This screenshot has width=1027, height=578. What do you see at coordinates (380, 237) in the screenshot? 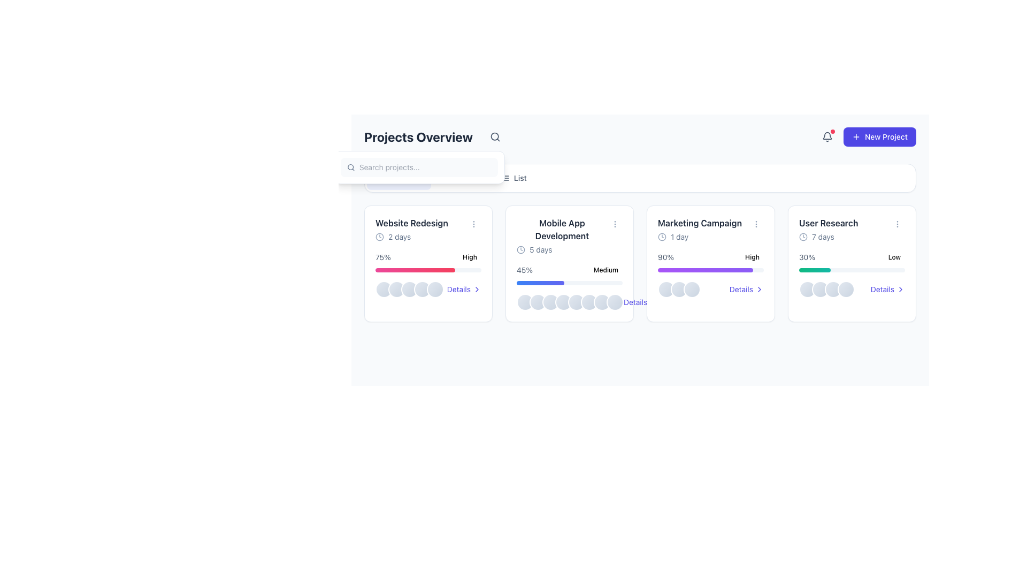
I see `the inner circle of the clock icon located near the top-right corner of the UI, adjacent to the 'Projects Overview' text` at bounding box center [380, 237].